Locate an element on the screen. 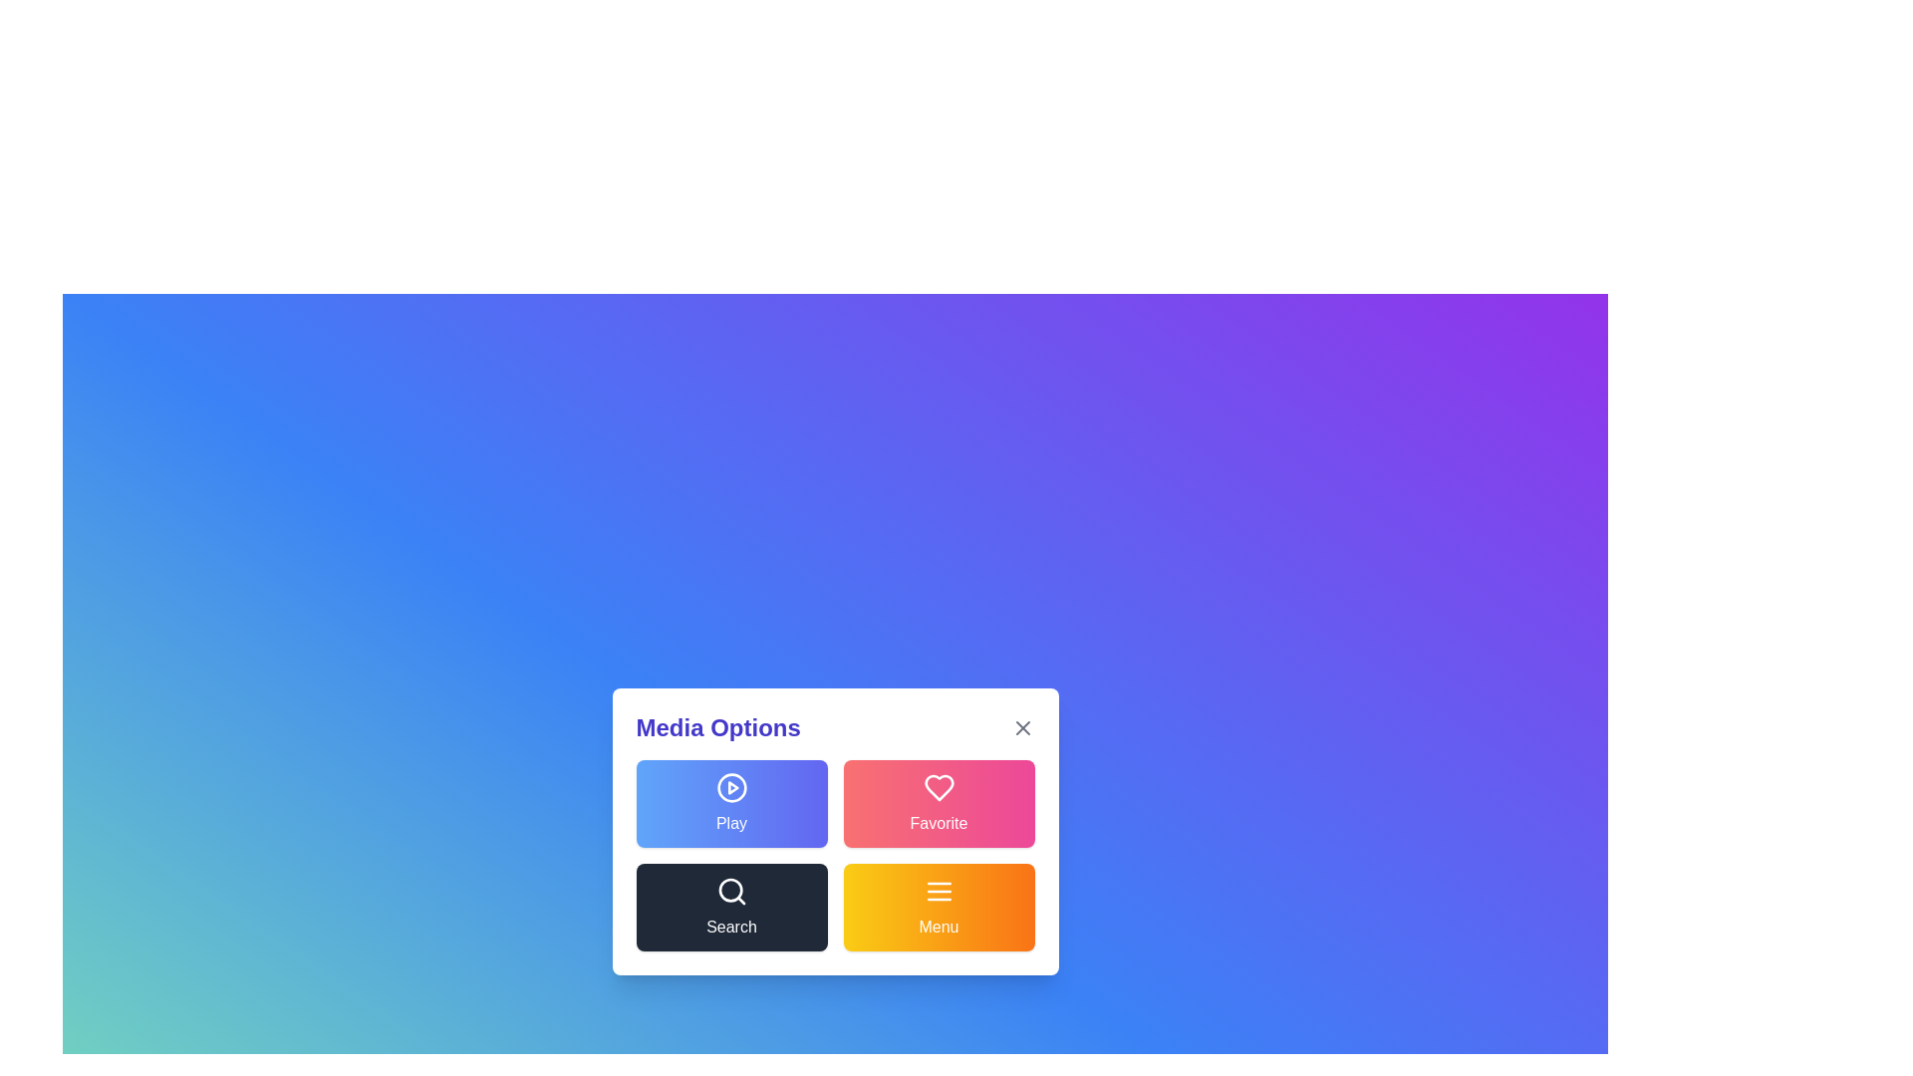  the button designed to mark or save items as favorites, which is located in the upper-right section of the grid adjacent to the 'Play' button is located at coordinates (938, 802).